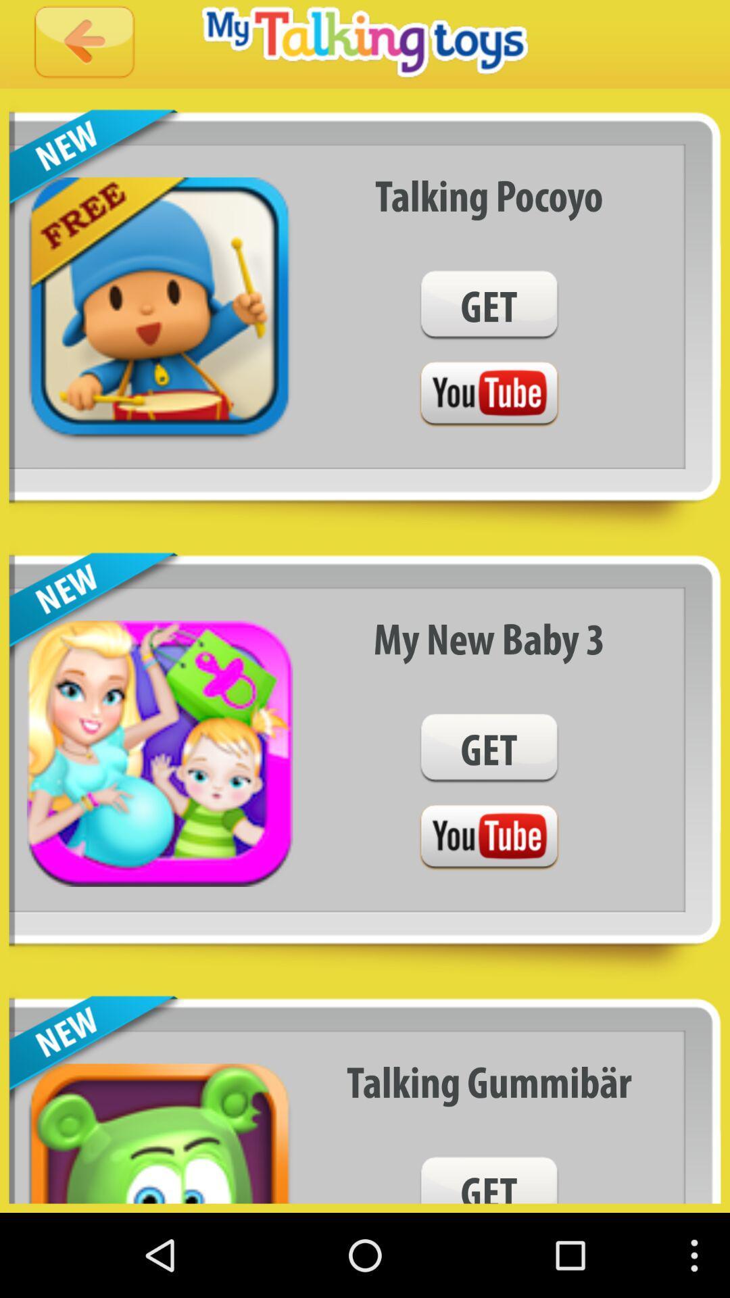  What do you see at coordinates (489, 837) in the screenshot?
I see `tap to go you tube` at bounding box center [489, 837].